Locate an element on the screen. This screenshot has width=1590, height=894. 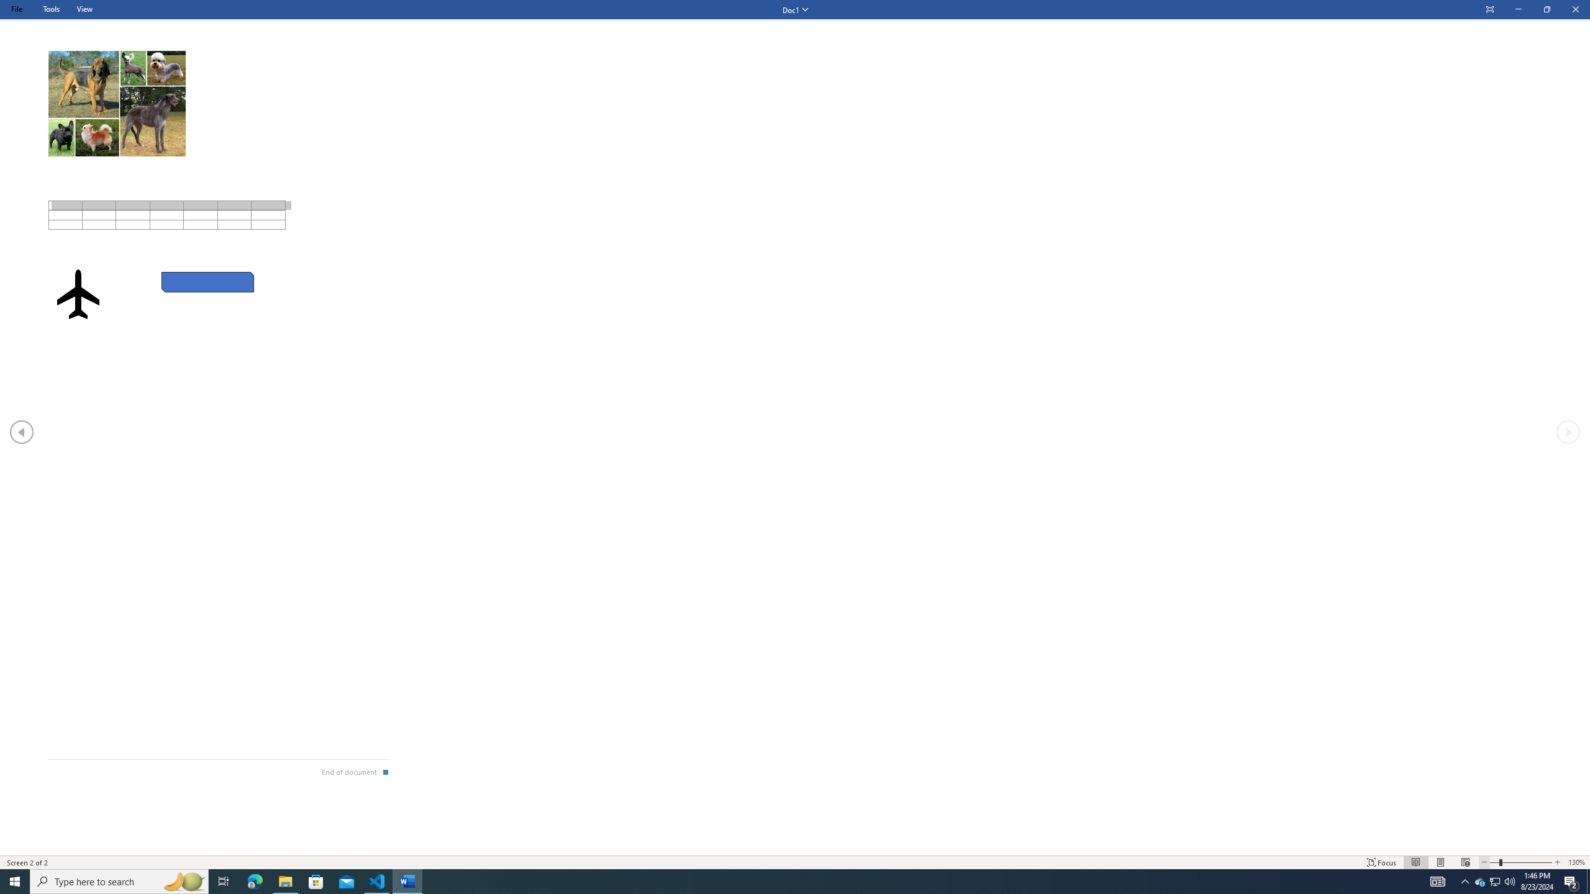
'Decrease Text Size' is located at coordinates (1483, 862).